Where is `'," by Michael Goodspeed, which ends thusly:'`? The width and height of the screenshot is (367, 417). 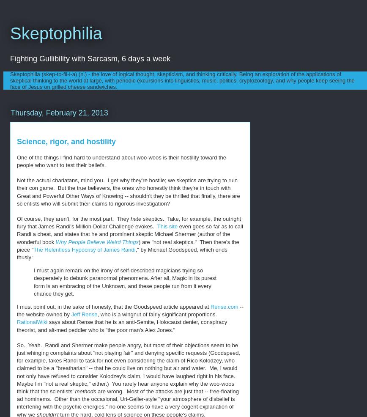 '," by Michael Goodspeed, which ends thusly:' is located at coordinates (122, 253).